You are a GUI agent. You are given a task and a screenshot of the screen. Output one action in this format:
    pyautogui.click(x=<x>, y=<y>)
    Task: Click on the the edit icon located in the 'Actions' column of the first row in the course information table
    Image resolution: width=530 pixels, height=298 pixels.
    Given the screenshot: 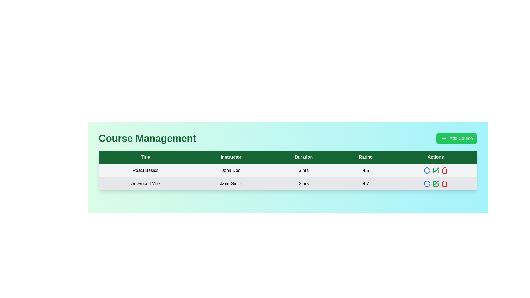 What is the action you would take?
    pyautogui.click(x=435, y=170)
    